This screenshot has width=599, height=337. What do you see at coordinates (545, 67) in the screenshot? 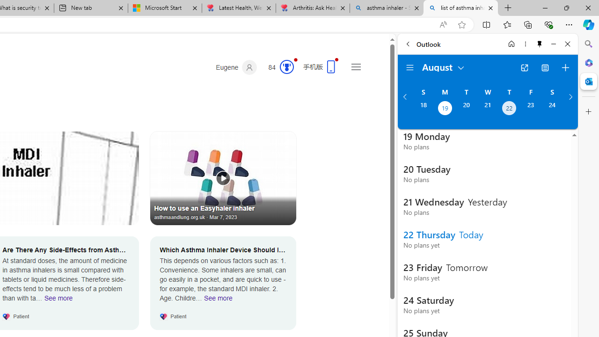
I see `'View Switcher. Current view is Agenda view'` at bounding box center [545, 67].